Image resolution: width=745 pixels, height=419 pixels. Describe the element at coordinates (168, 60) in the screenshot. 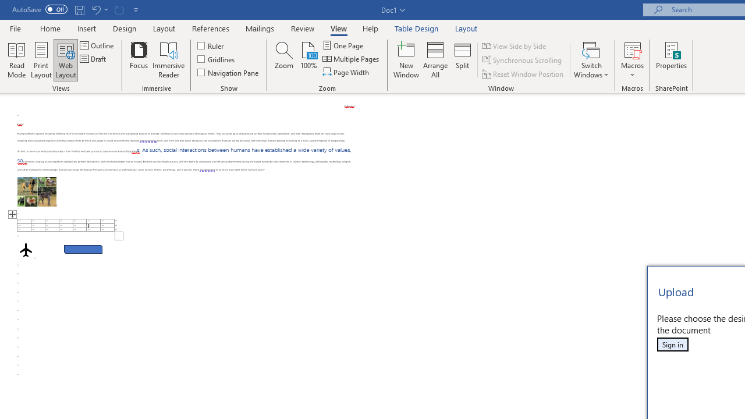

I see `'Immersive Reader'` at that location.